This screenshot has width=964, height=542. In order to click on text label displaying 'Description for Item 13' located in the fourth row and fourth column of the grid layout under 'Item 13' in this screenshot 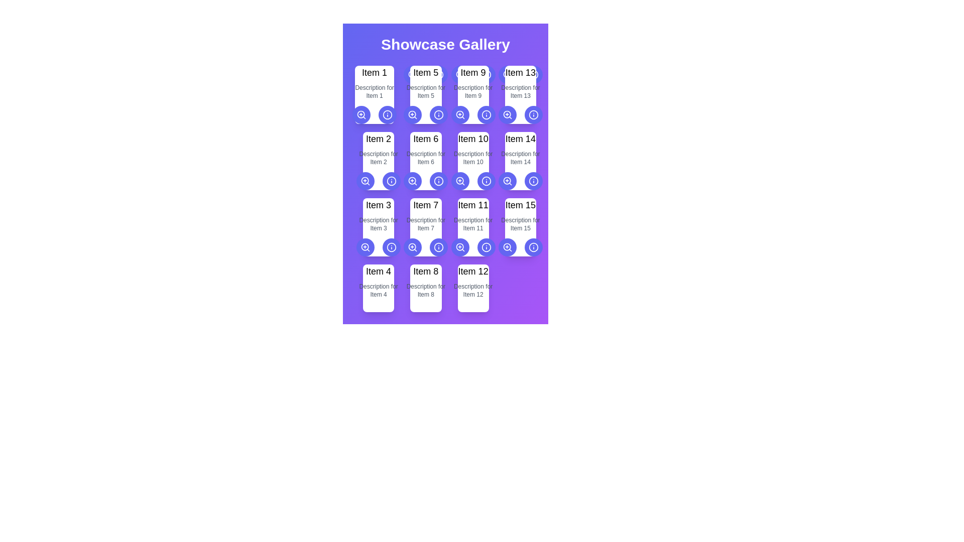, I will do `click(520, 91)`.